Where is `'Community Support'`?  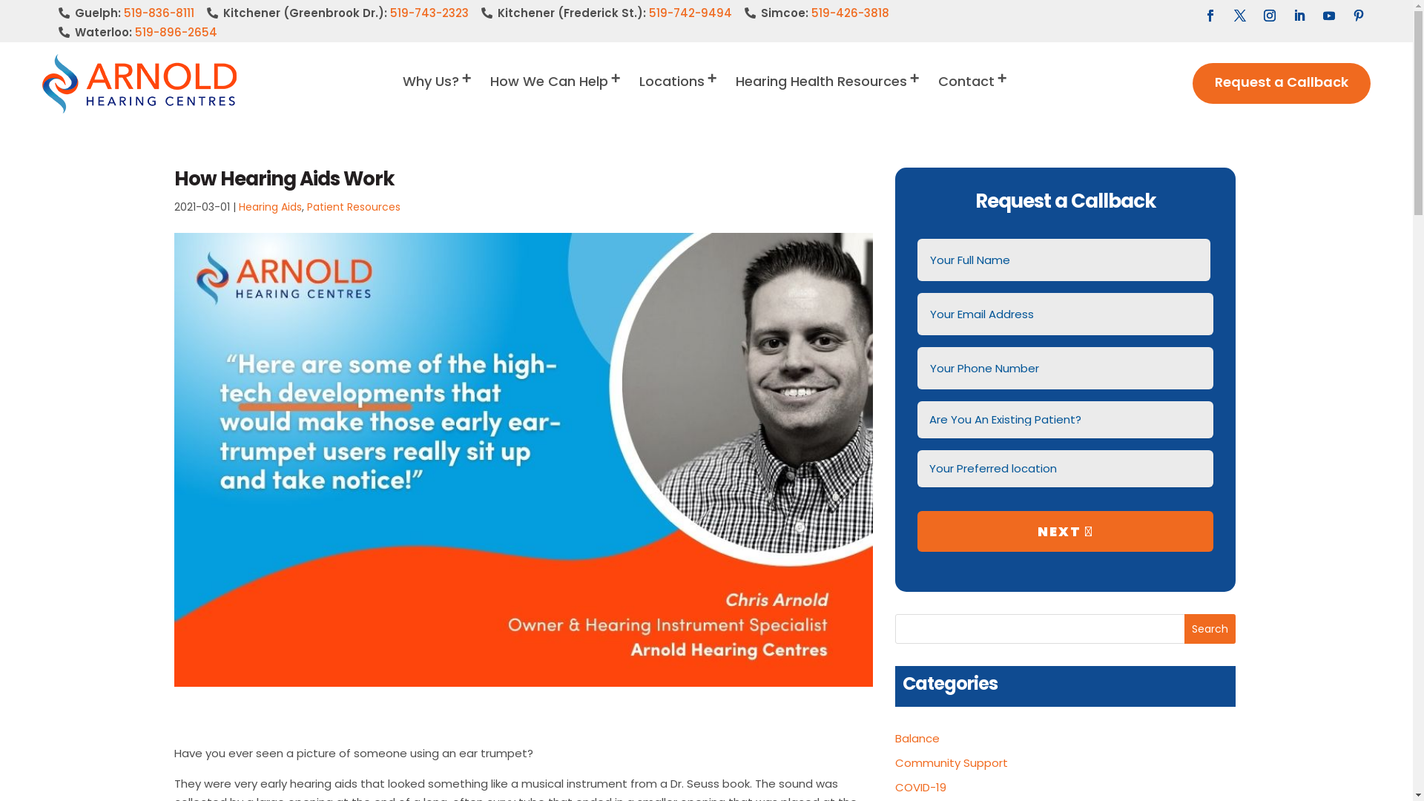
'Community Support' is located at coordinates (894, 762).